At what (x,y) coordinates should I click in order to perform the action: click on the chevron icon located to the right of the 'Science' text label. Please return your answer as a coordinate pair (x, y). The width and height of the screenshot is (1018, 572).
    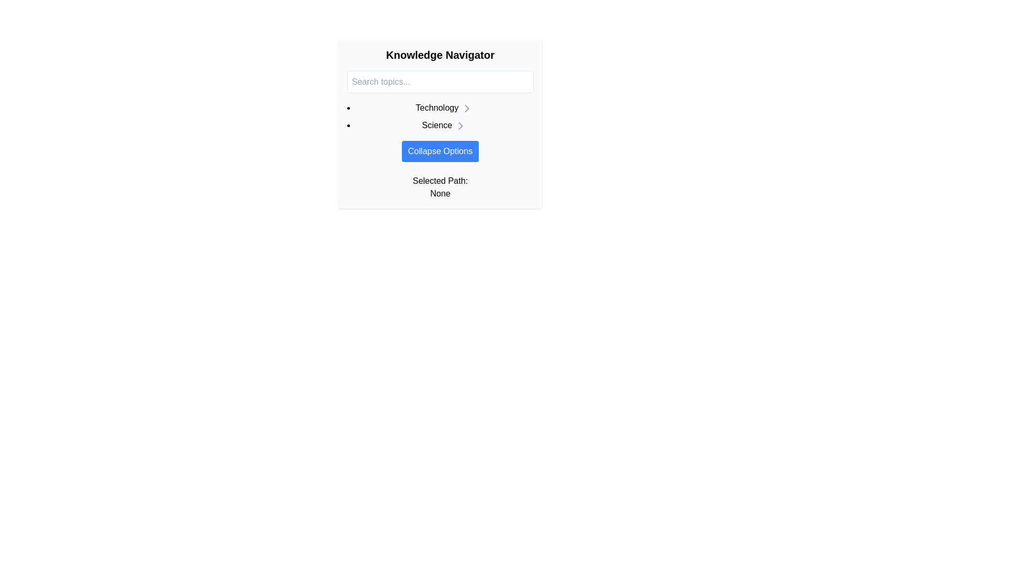
    Looking at the image, I should click on (460, 125).